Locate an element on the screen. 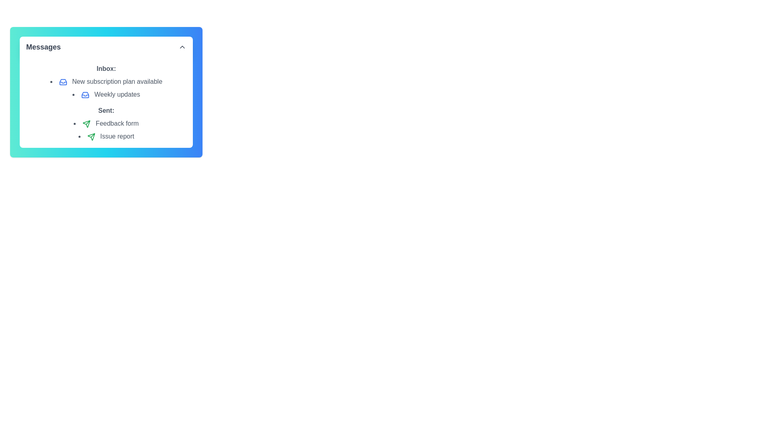 The height and width of the screenshot is (435, 773). the embedded icons in the 'Messages' card UI component, which features a gradient background and includes categories 'Inbox' and 'Sent' is located at coordinates (106, 91).